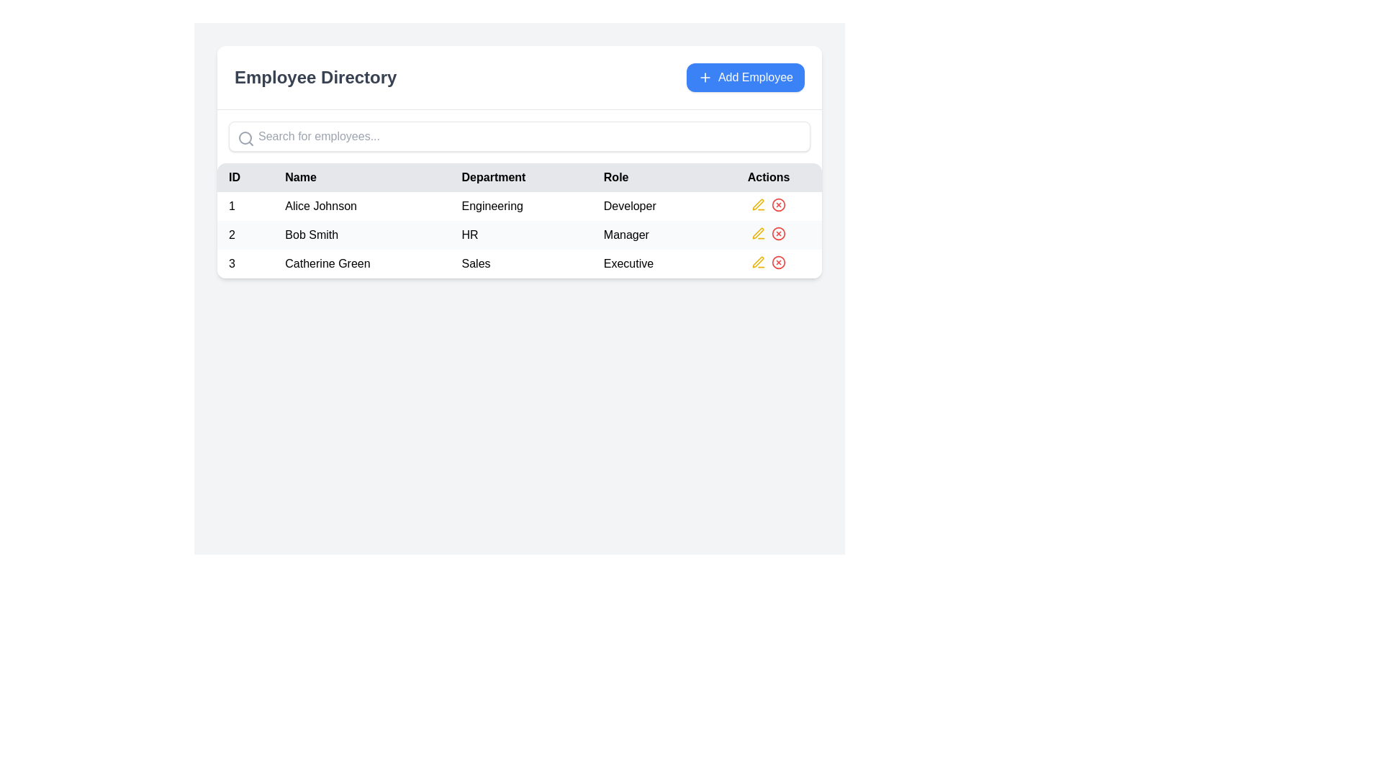  What do you see at coordinates (518, 221) in the screenshot?
I see `the 'Department' cell in the employee data table for 'Alice Johnson', located adjacent to 'Engineering'` at bounding box center [518, 221].